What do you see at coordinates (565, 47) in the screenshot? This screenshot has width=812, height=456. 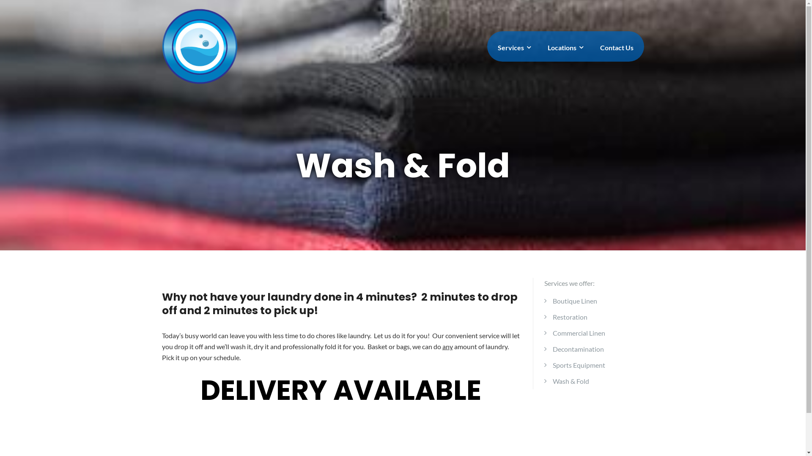 I see `'Locations'` at bounding box center [565, 47].